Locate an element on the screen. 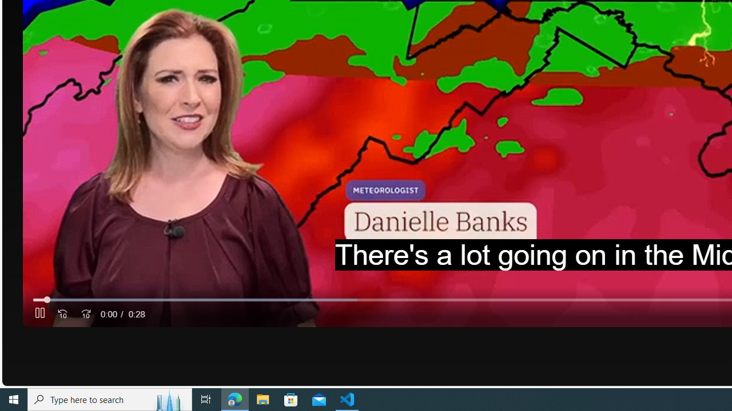 The height and width of the screenshot is (411, 732). 'Seek Back' is located at coordinates (62, 314).